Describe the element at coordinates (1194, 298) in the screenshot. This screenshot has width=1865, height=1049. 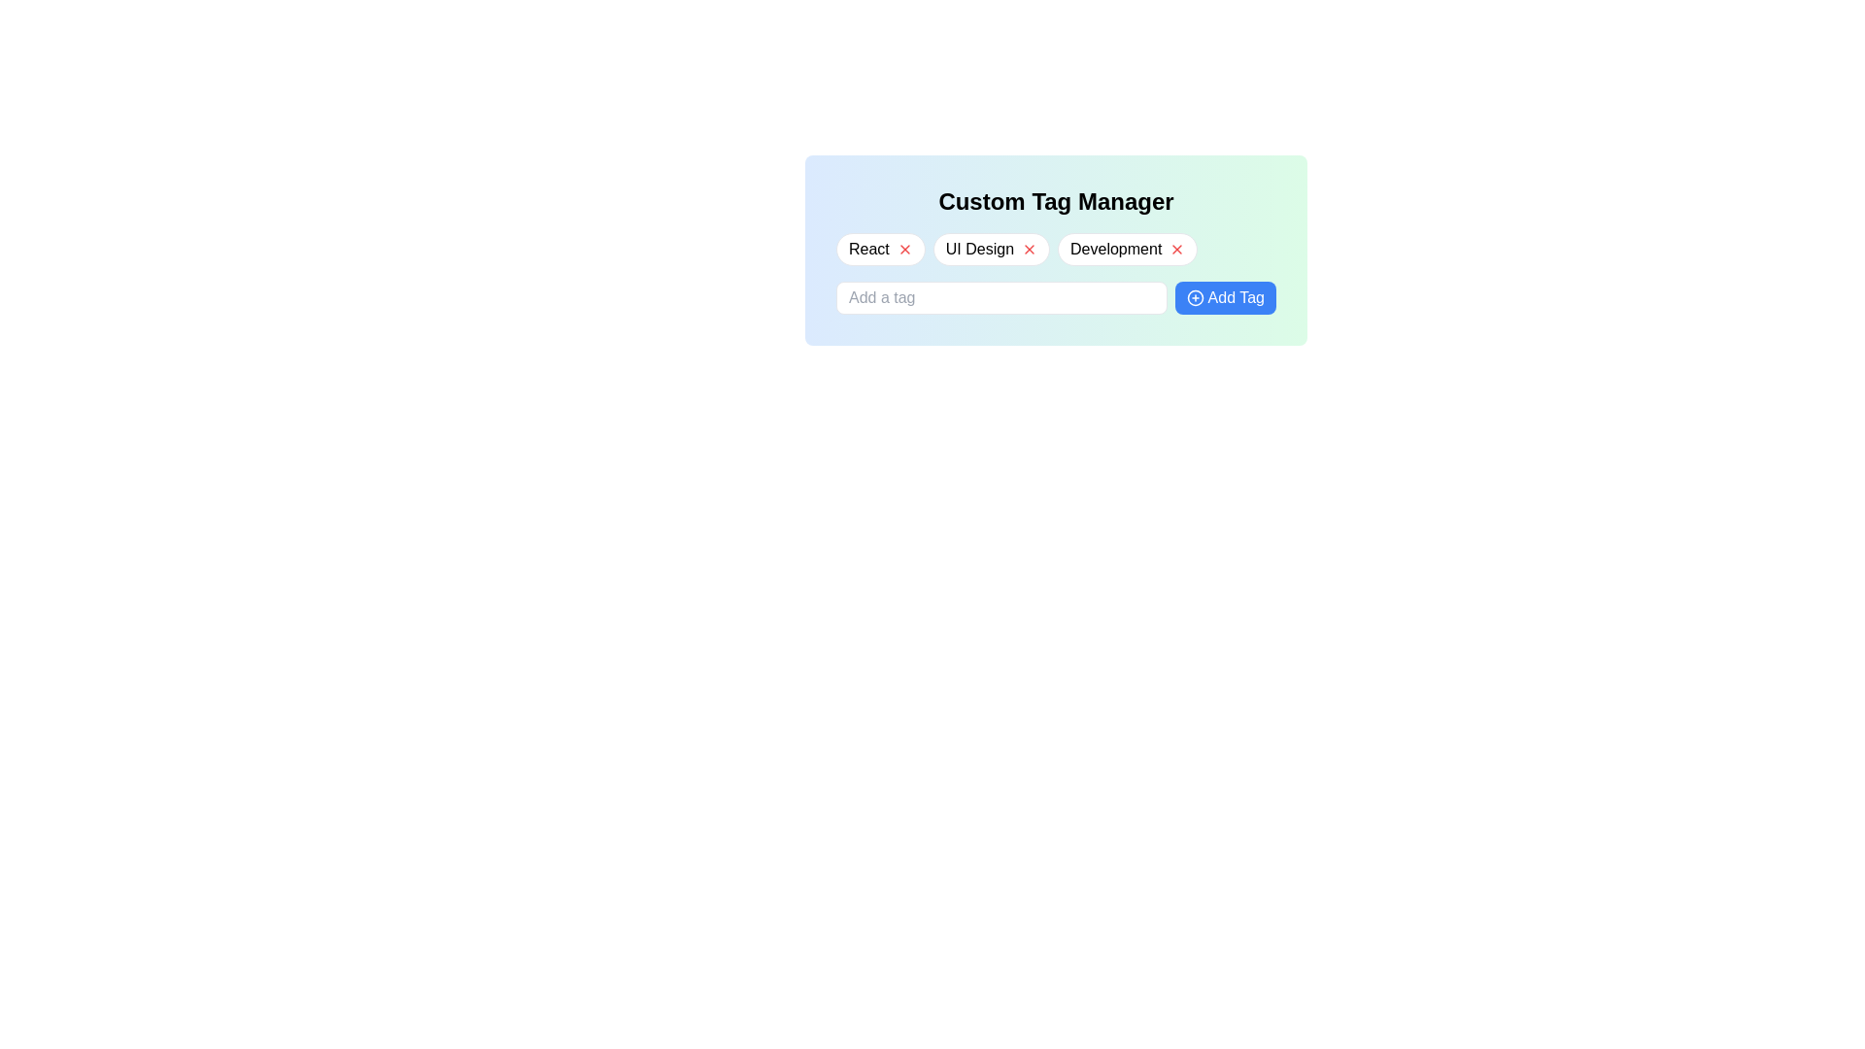
I see `the circular icon with a plus symbol located to the left of the 'Add Tag' button at the bottom right of the card` at that location.